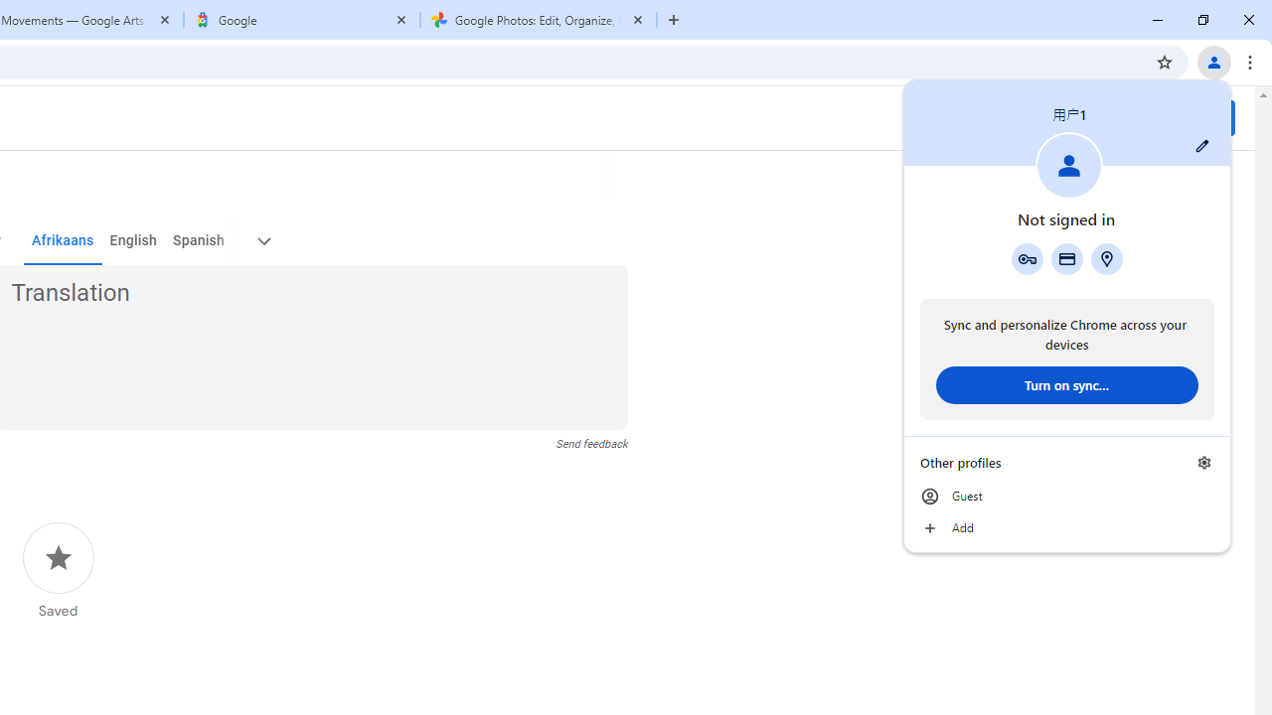 This screenshot has width=1272, height=715. What do you see at coordinates (1027, 258) in the screenshot?
I see `'Google Password Manager'` at bounding box center [1027, 258].